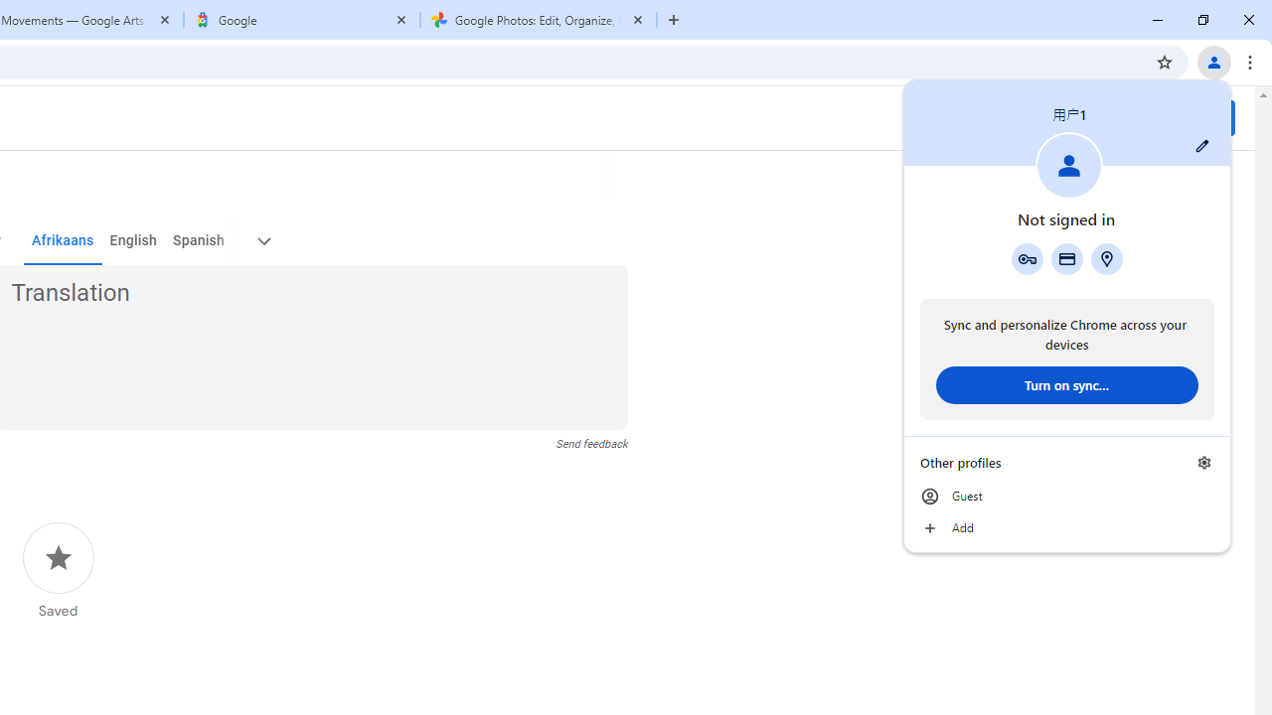 This screenshot has width=1272, height=715. What do you see at coordinates (1027, 258) in the screenshot?
I see `'Google Password Manager'` at bounding box center [1027, 258].